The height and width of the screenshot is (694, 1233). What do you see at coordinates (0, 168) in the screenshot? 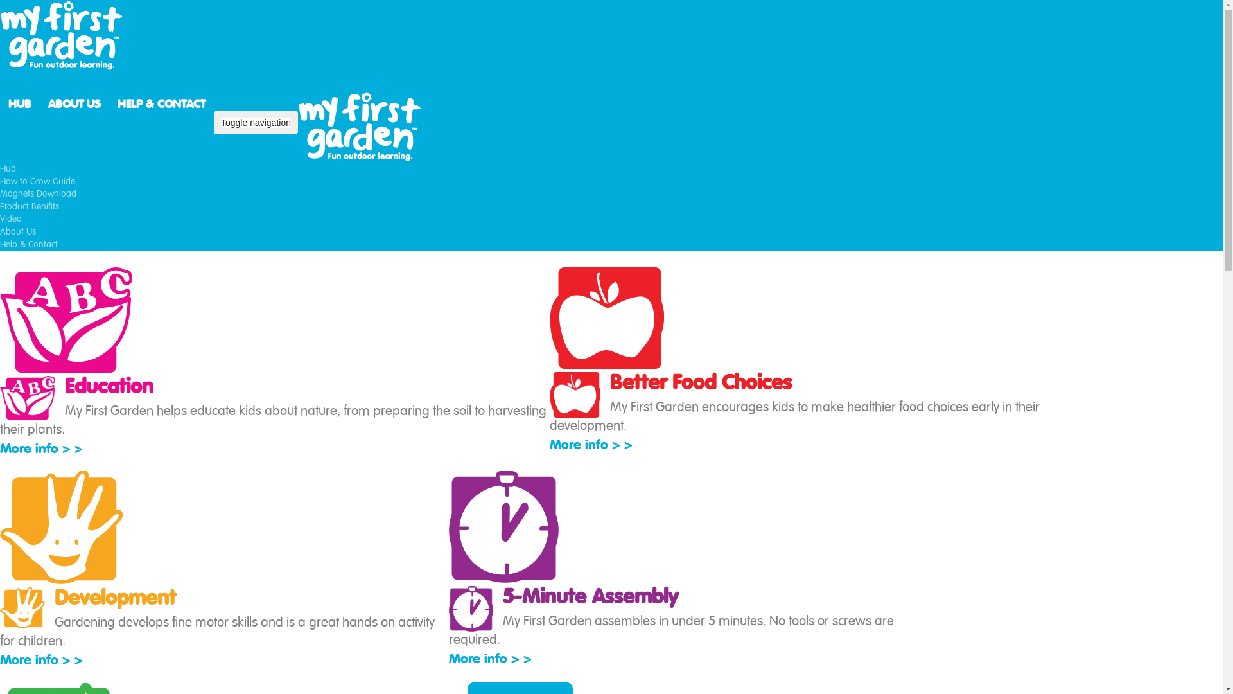
I see `'Hub'` at bounding box center [0, 168].